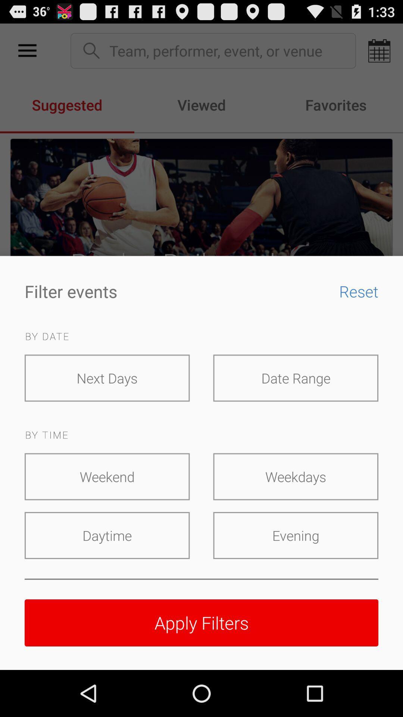  What do you see at coordinates (295, 535) in the screenshot?
I see `item to the right of daytime item` at bounding box center [295, 535].